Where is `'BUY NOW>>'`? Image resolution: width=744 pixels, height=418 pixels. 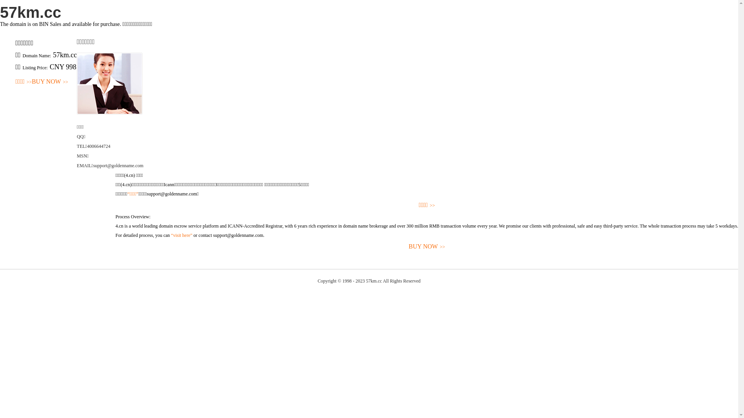 'BUY NOW>>' is located at coordinates (50, 82).